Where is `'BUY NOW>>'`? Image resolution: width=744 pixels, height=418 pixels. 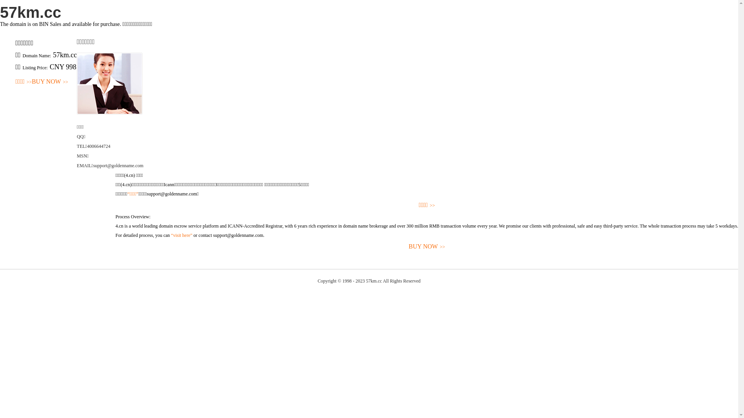 'BUY NOW>>' is located at coordinates (50, 82).